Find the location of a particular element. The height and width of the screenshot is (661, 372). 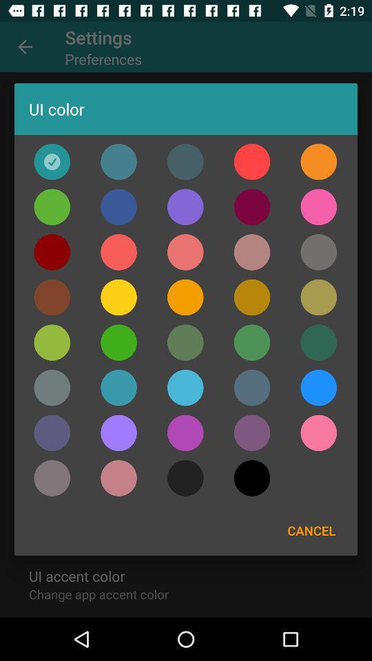

choose black color is located at coordinates (185, 478).